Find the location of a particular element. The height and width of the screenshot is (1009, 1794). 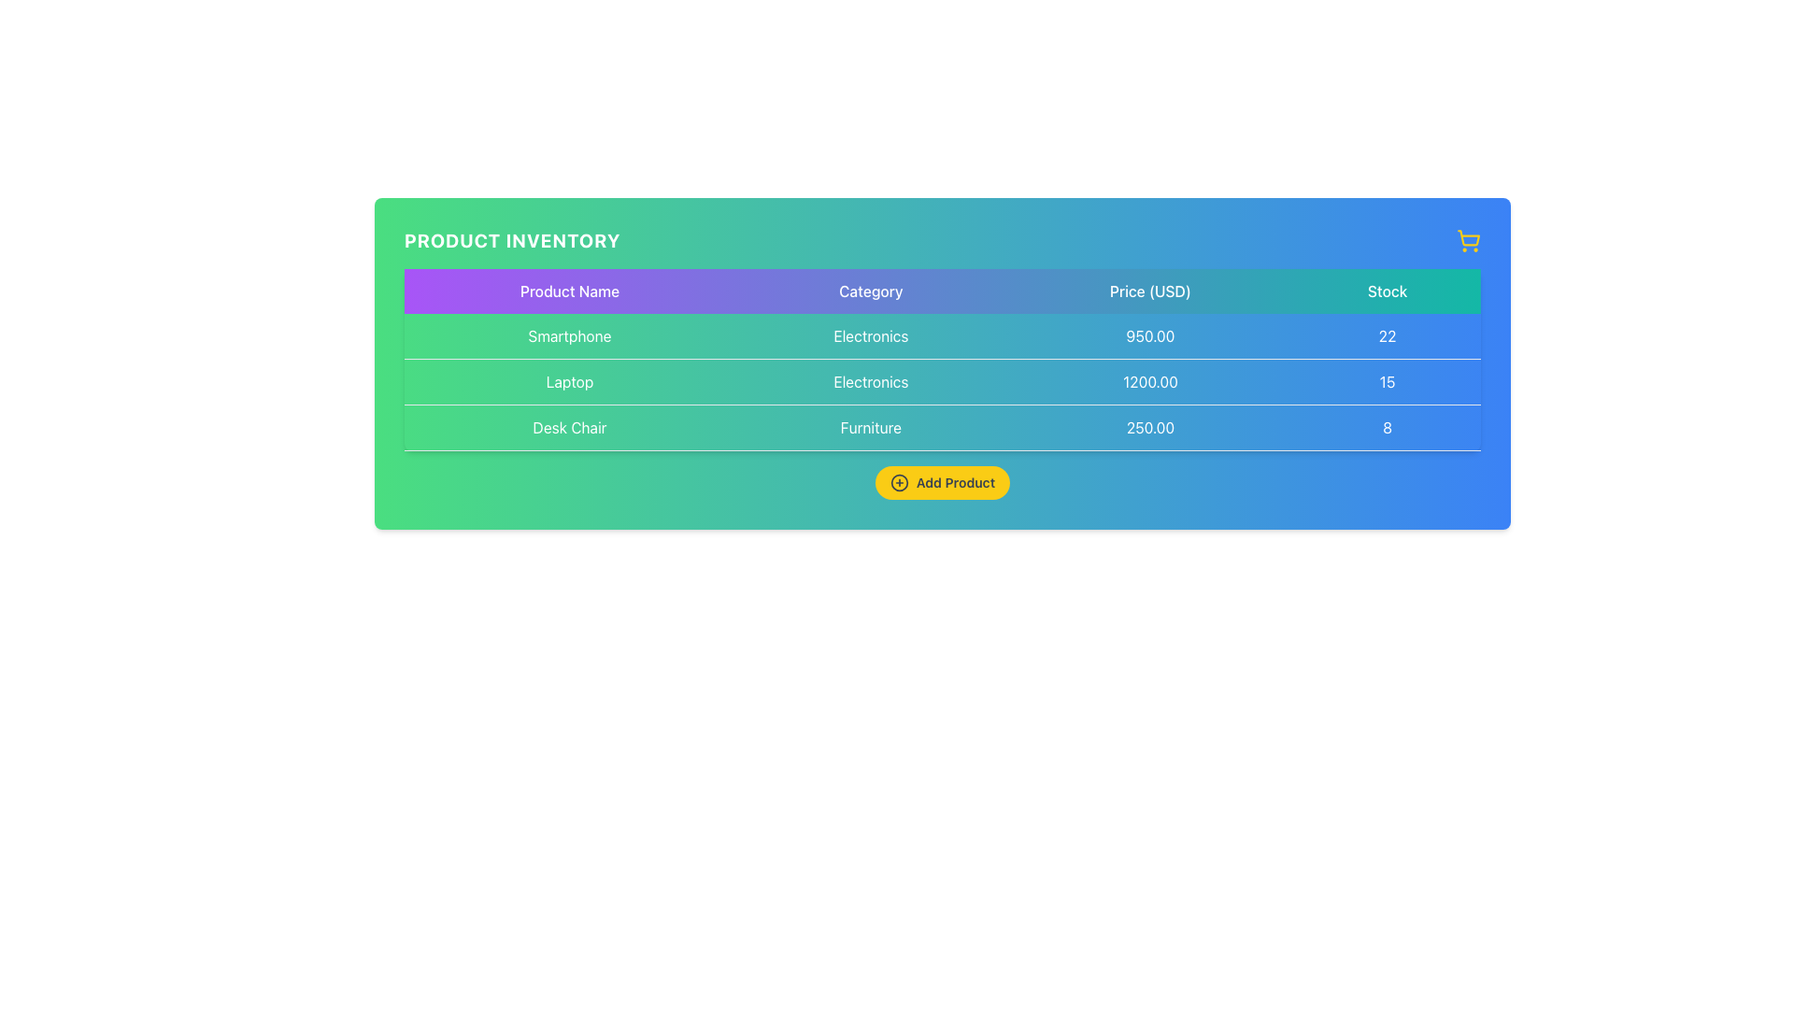

the 'Product Name' column header text element located in the first position of the table header under 'PRODUCT INVENTORY' is located at coordinates (568, 291).